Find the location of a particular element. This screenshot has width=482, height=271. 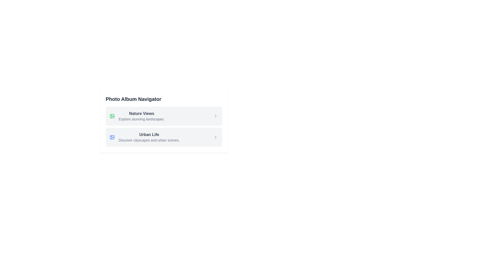

descriptive text from the 'Urban Life' category label located in the second navigational item of the 'Photo Album Navigator' section, directly beneath the 'Urban Life' title is located at coordinates (149, 140).